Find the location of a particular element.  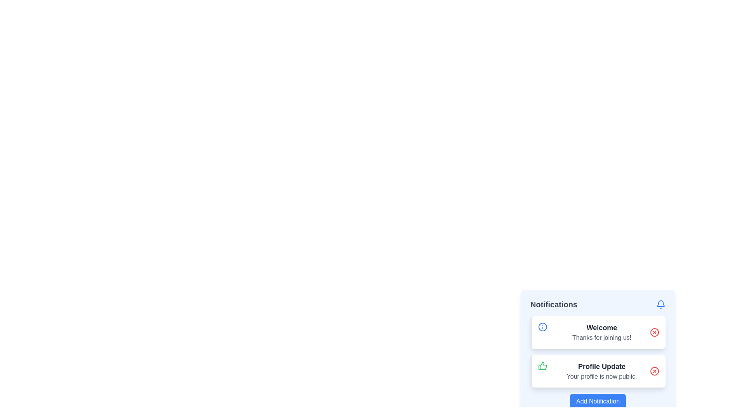

static text displaying 'Thanks for joining us!' located beneath the 'Welcome' header in the notification card at the bottom-right area of the interface is located at coordinates (601, 338).